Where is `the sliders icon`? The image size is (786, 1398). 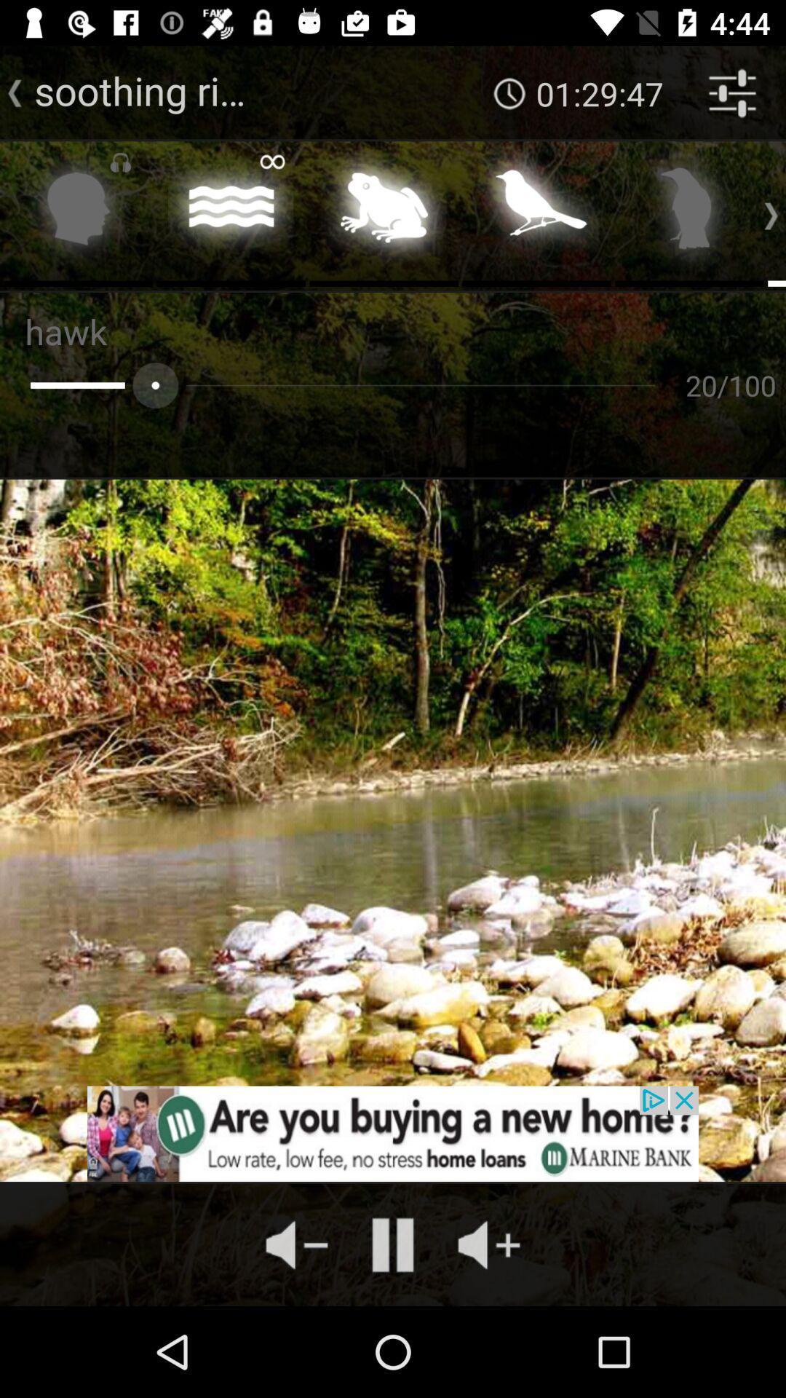
the sliders icon is located at coordinates (732, 92).